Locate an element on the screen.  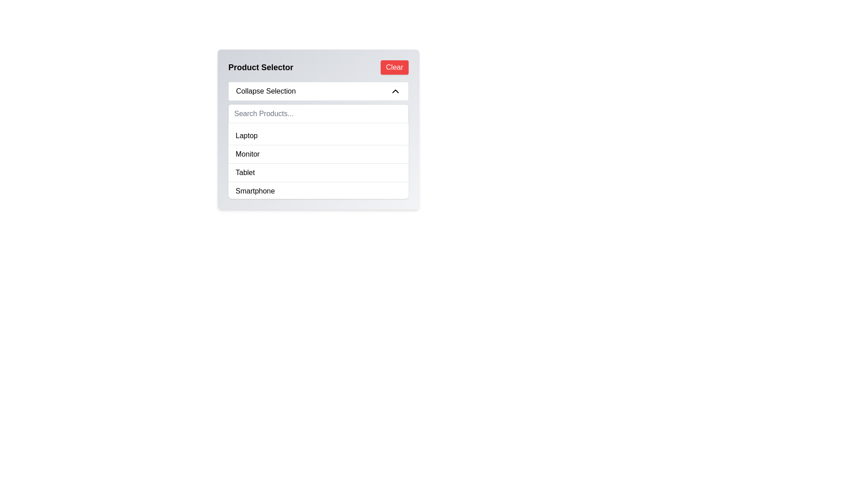
the text label 'Smartphone' at the bottom of the selectable list is located at coordinates (255, 190).